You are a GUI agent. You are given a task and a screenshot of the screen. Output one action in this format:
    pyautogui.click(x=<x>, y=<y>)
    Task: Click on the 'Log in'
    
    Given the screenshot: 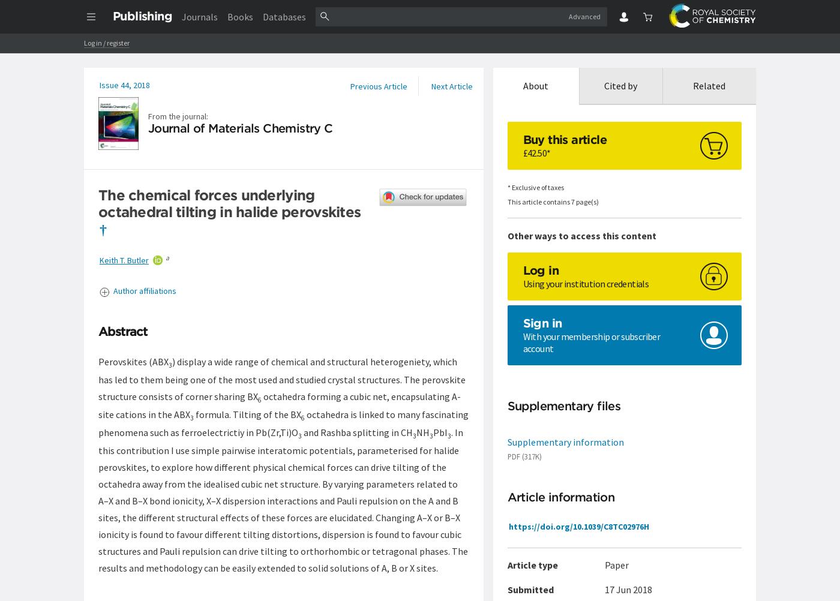 What is the action you would take?
    pyautogui.click(x=522, y=269)
    